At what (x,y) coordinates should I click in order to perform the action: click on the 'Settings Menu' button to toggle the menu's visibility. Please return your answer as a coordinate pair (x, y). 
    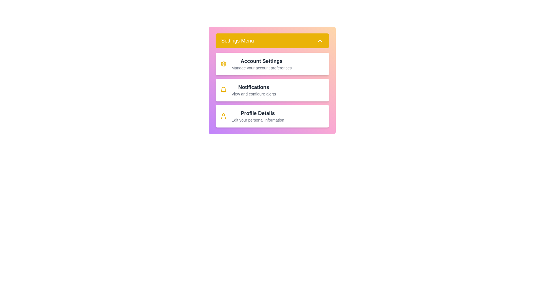
    Looking at the image, I should click on (272, 40).